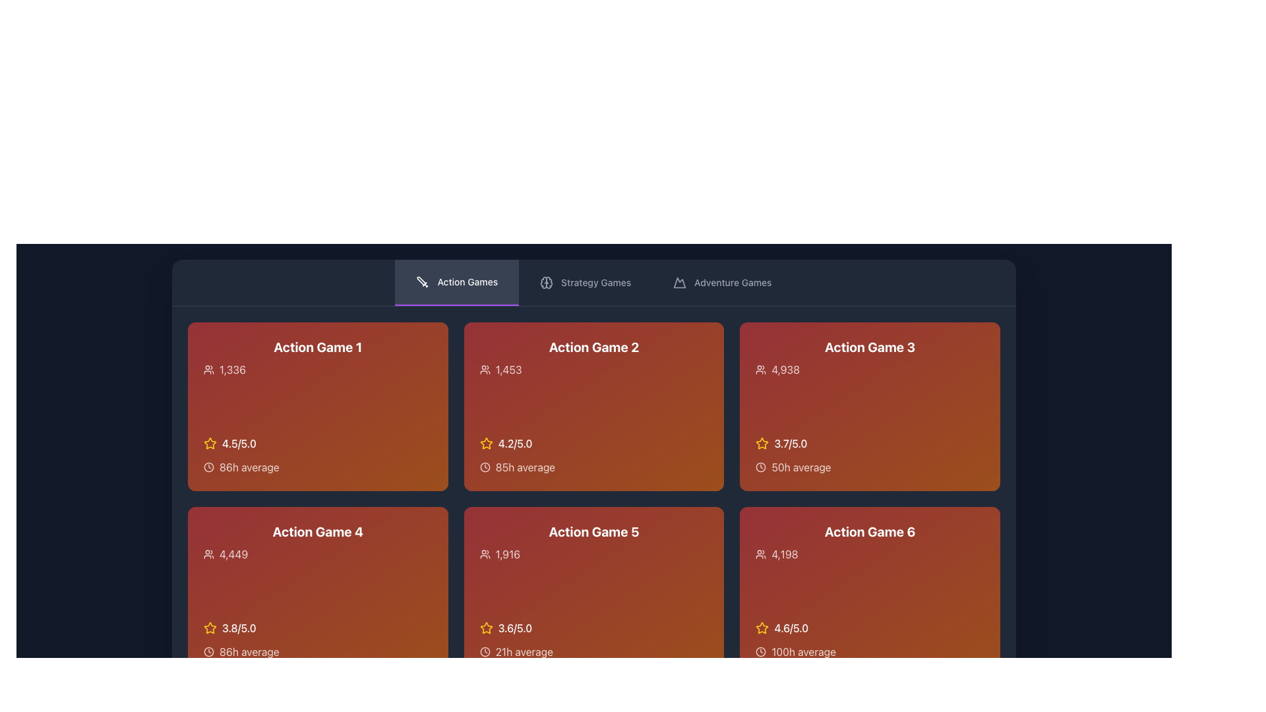 The height and width of the screenshot is (712, 1266). I want to click on the static text label that displays the number of users interacting with 'Action Game 3', located to the right of a user icon within the card titled 'Action Game 3', so click(785, 369).